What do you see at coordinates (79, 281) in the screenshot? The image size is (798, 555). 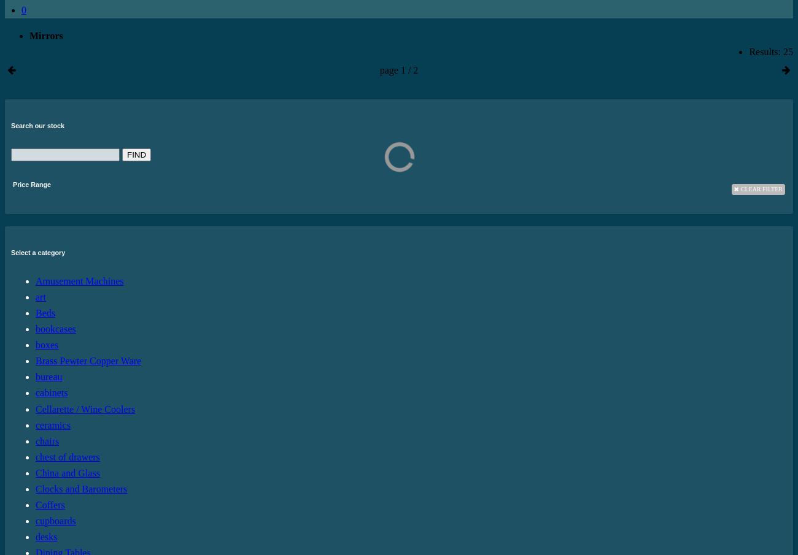 I see `'Amusement Machines'` at bounding box center [79, 281].